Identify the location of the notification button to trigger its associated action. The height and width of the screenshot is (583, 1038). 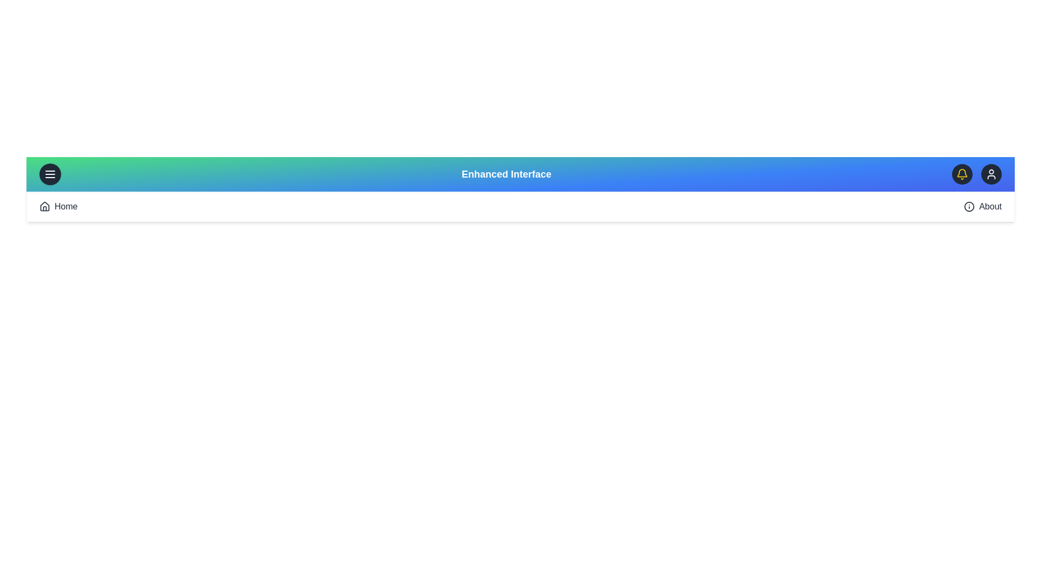
(962, 174).